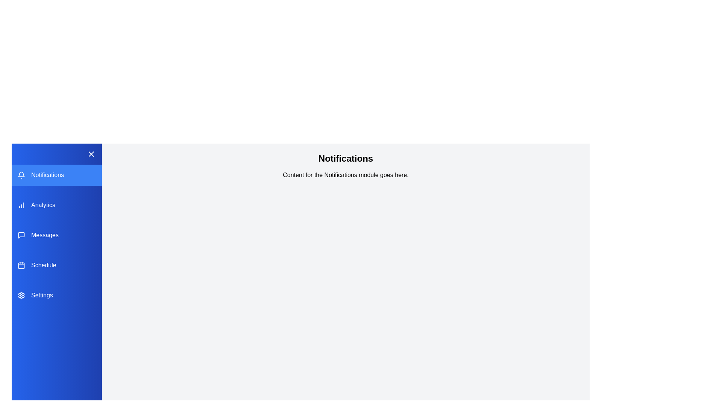 The height and width of the screenshot is (406, 722). I want to click on the module Schedule from the sidebar, so click(56, 265).